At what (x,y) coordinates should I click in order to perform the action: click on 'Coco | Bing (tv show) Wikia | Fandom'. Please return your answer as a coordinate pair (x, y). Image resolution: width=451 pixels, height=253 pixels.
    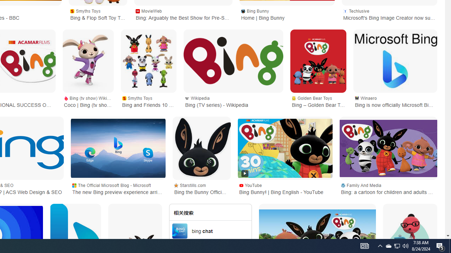
    Looking at the image, I should click on (87, 61).